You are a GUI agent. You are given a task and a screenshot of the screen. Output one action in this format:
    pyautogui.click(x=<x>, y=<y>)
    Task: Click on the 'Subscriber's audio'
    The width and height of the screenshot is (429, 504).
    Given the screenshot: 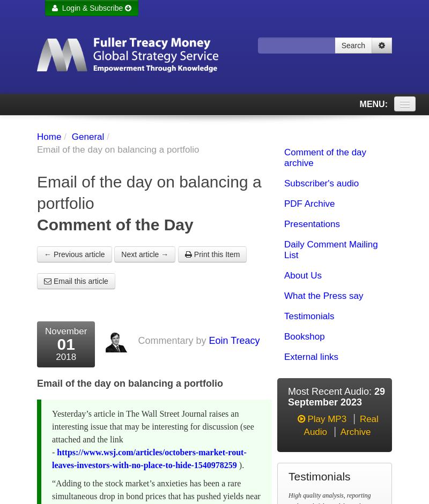 What is the action you would take?
    pyautogui.click(x=284, y=183)
    